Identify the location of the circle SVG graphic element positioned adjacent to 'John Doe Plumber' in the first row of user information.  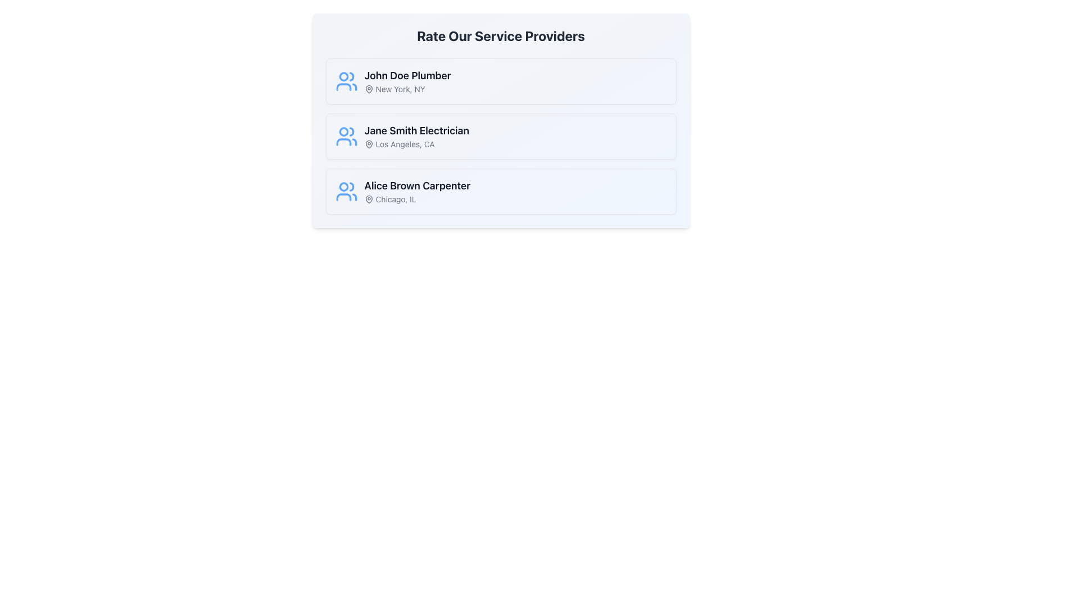
(343, 76).